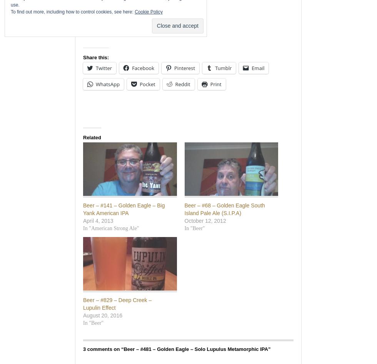 The height and width of the screenshot is (364, 377). I want to click on 'Email', so click(258, 68).